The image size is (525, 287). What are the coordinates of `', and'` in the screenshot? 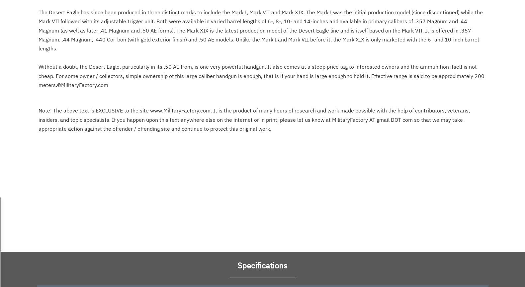 It's located at (177, 60).